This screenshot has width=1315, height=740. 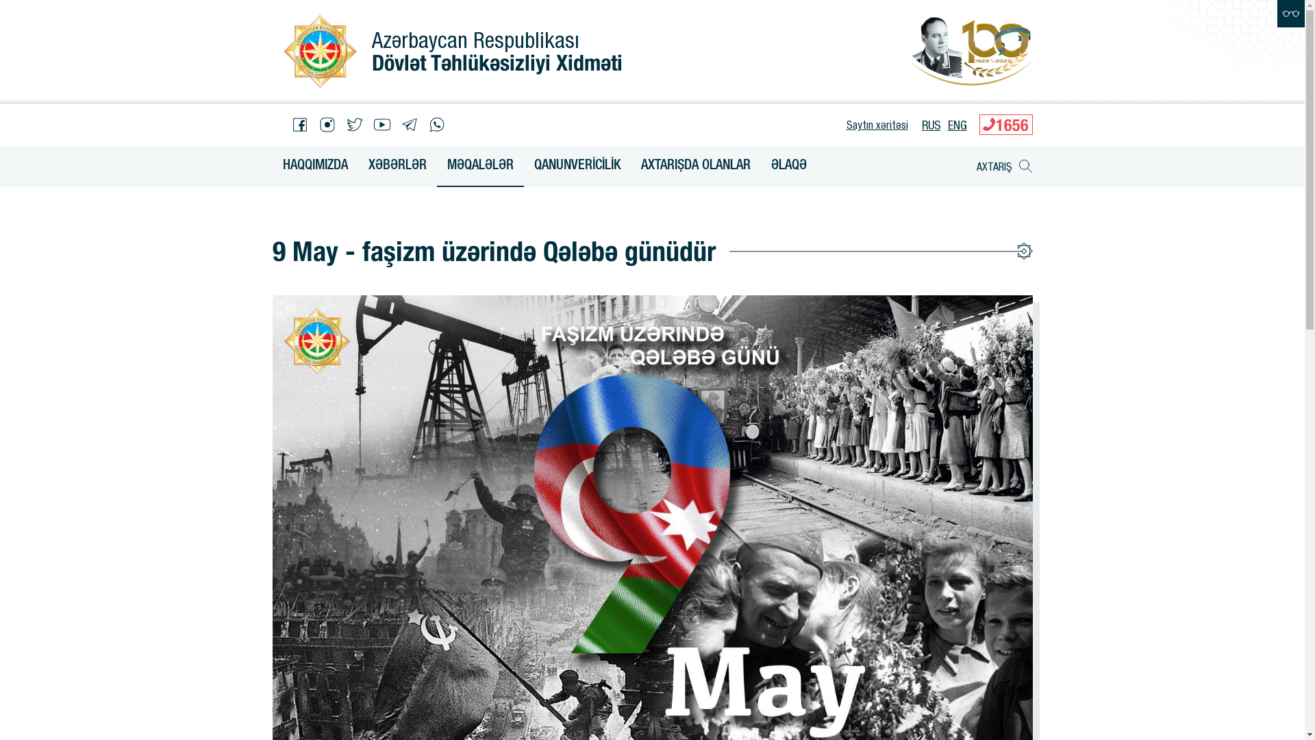 I want to click on 'RUS', so click(x=931, y=124).